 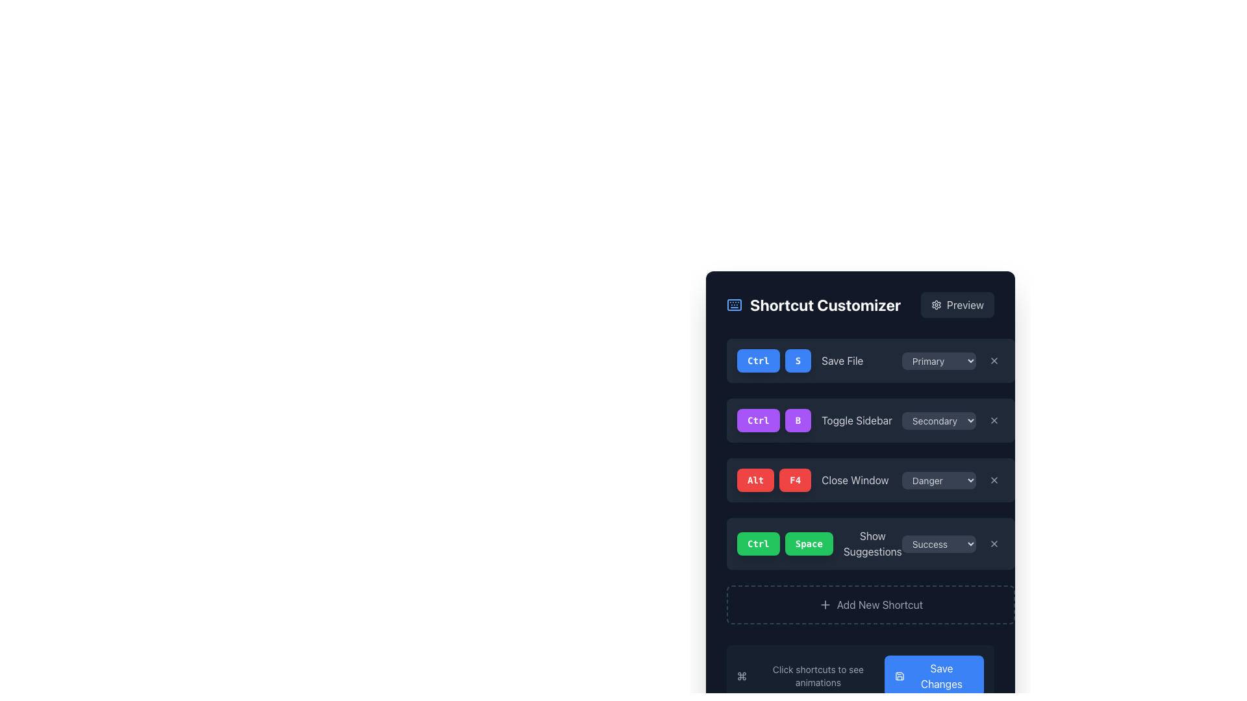 What do you see at coordinates (938, 480) in the screenshot?
I see `the 'Danger' dropdown button, which is styled with a dark background and lighter text, located` at bounding box center [938, 480].